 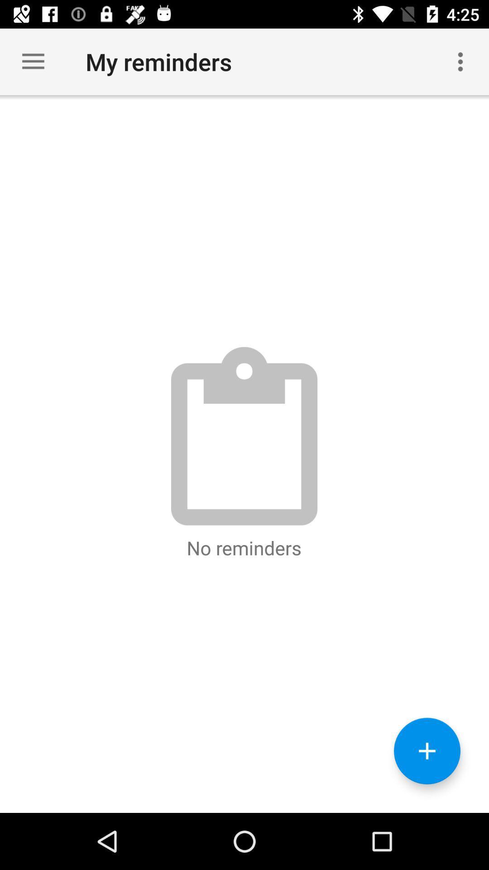 I want to click on item to the right of my reminders icon, so click(x=460, y=61).